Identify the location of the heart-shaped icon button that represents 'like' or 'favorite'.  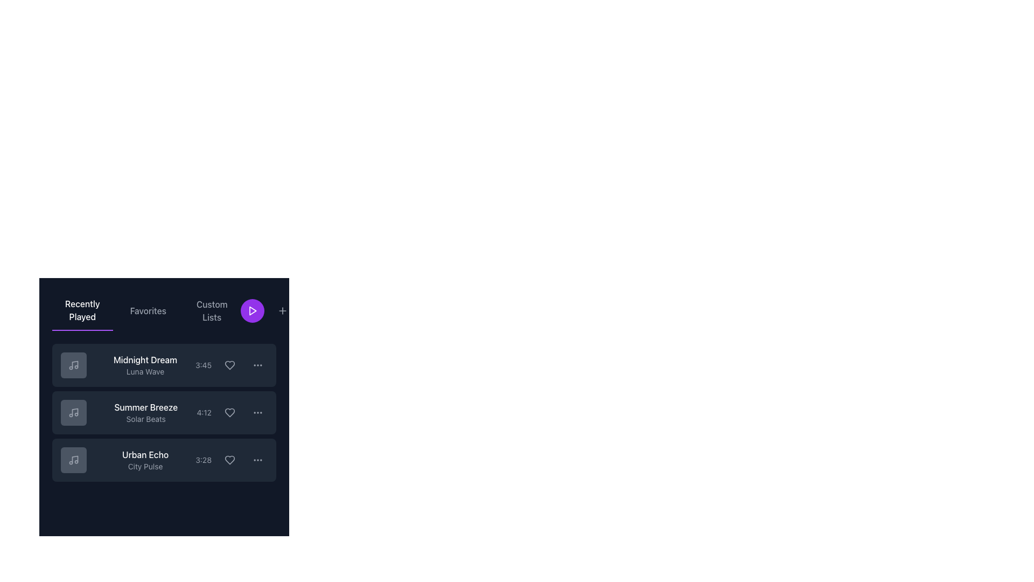
(229, 460).